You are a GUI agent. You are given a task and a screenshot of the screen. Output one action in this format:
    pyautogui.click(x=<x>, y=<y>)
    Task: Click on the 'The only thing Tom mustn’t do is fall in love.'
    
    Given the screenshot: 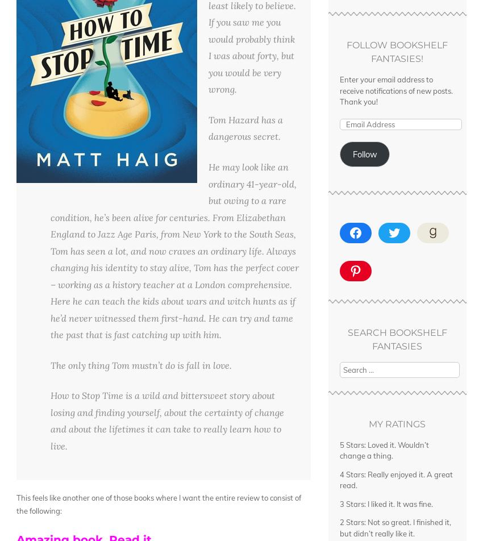 What is the action you would take?
    pyautogui.click(x=141, y=365)
    